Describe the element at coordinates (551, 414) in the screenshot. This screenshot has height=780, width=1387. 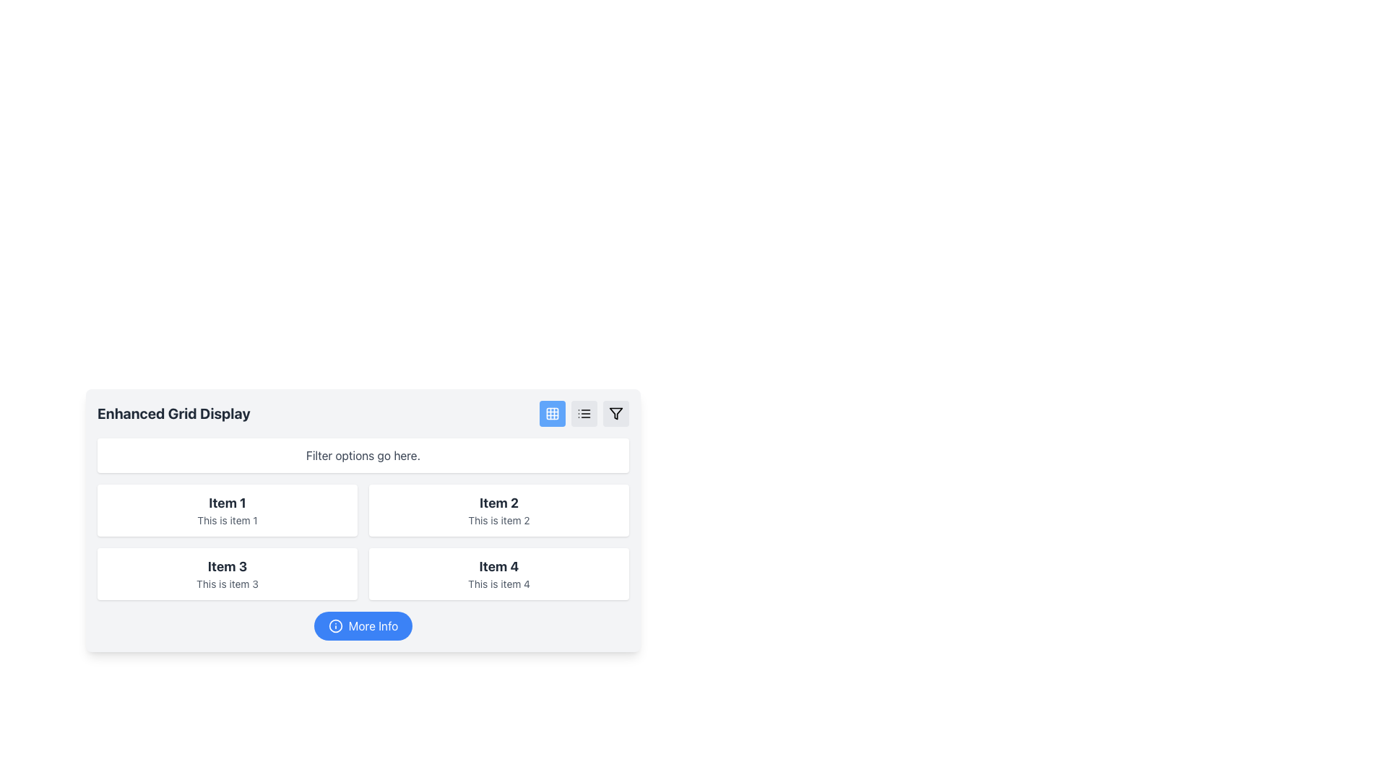
I see `the grid icon button with a blue background and white grid lines located in the toolbar at the top-right corner of the display panel` at that location.